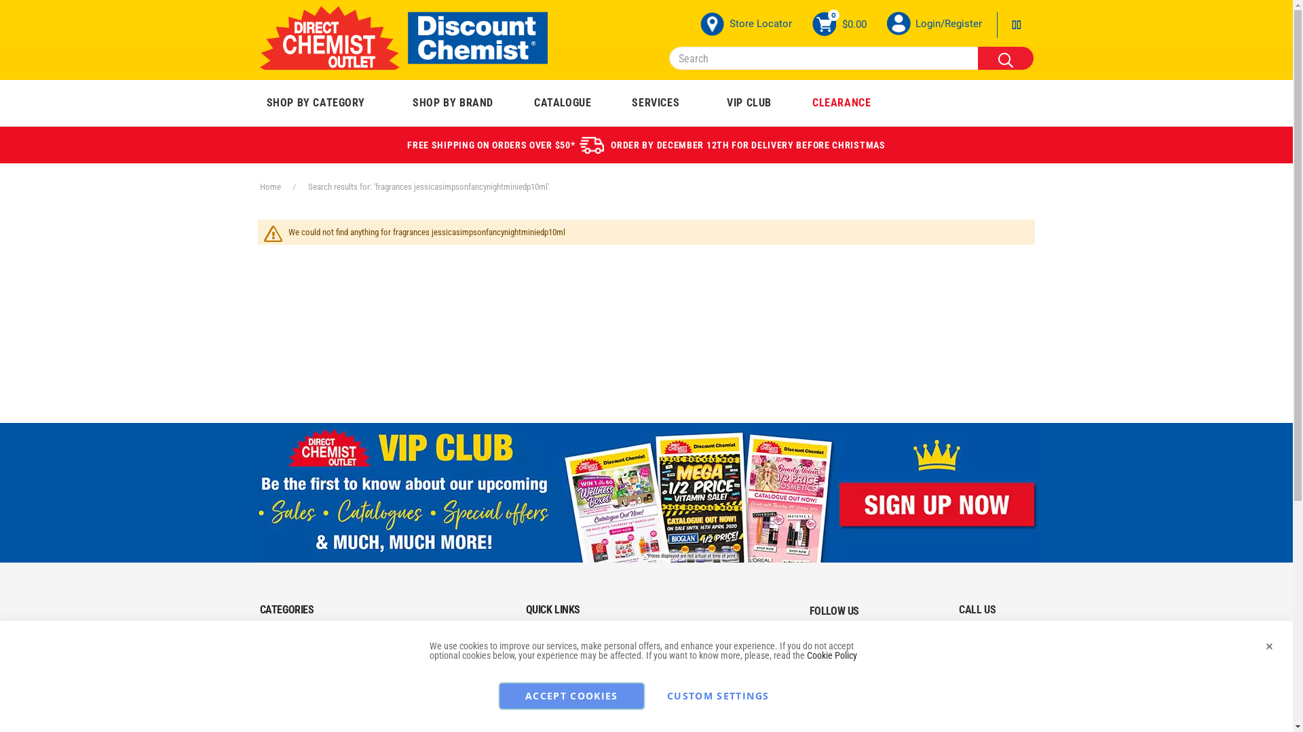 Image resolution: width=1303 pixels, height=732 pixels. What do you see at coordinates (544, 664) in the screenshot?
I see `'Contact Us'` at bounding box center [544, 664].